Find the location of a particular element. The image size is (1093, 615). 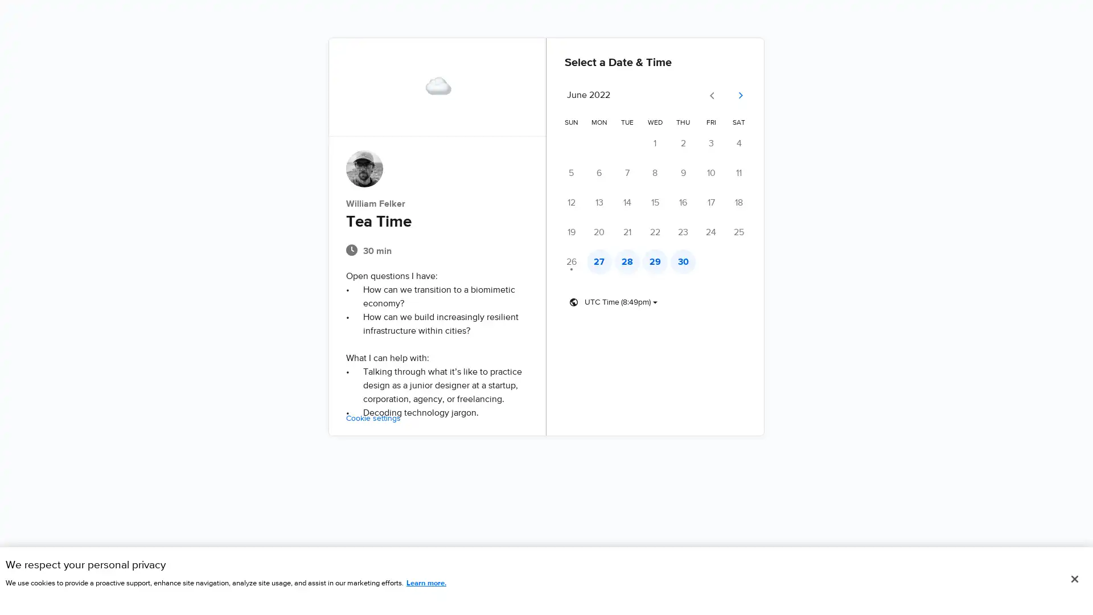

Saturday, June 18 - No times available is located at coordinates (748, 202).